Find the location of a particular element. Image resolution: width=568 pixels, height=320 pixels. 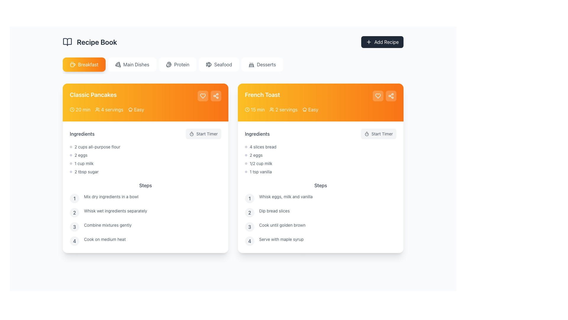

the ordinal marker badge indicating the second step of the recipe instructions in the 'Steps' section of the 'French Toast' recipe card, located to the left of the text 'Dip bread slices' is located at coordinates (250, 212).